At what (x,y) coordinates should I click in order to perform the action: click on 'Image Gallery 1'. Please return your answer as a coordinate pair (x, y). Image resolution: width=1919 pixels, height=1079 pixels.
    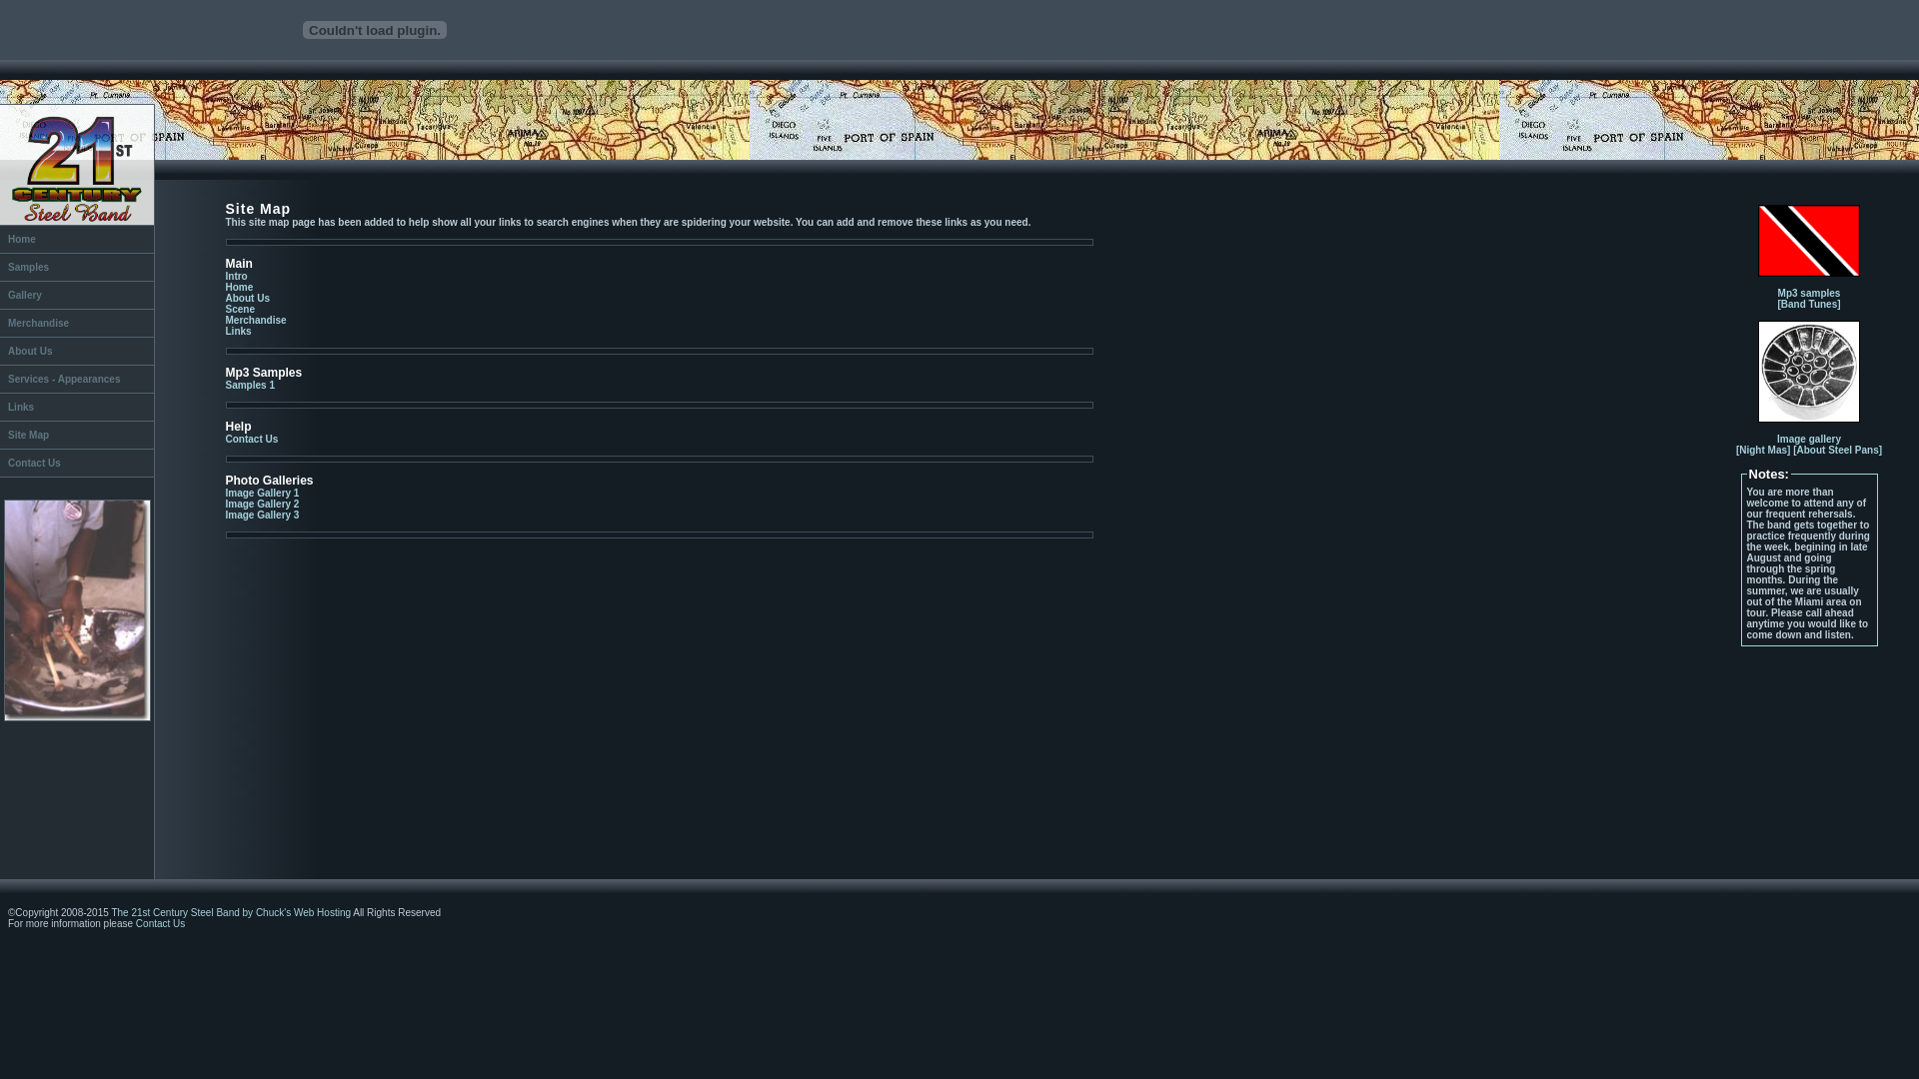
    Looking at the image, I should click on (262, 493).